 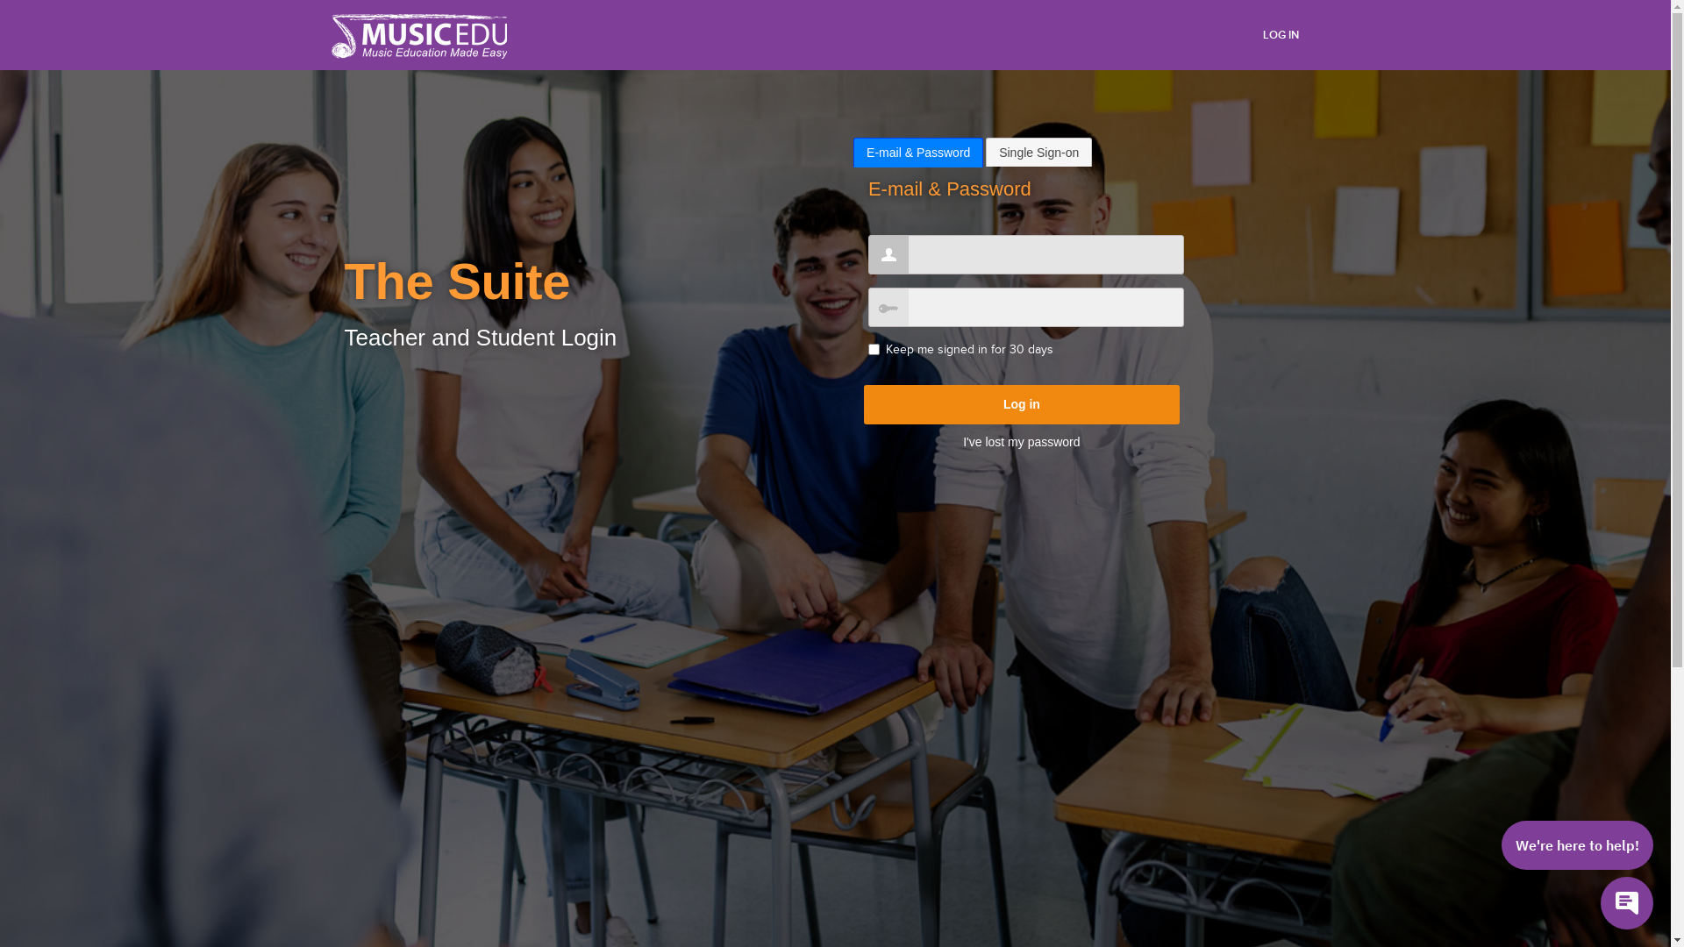 I want to click on 'Log in', so click(x=1022, y=404).